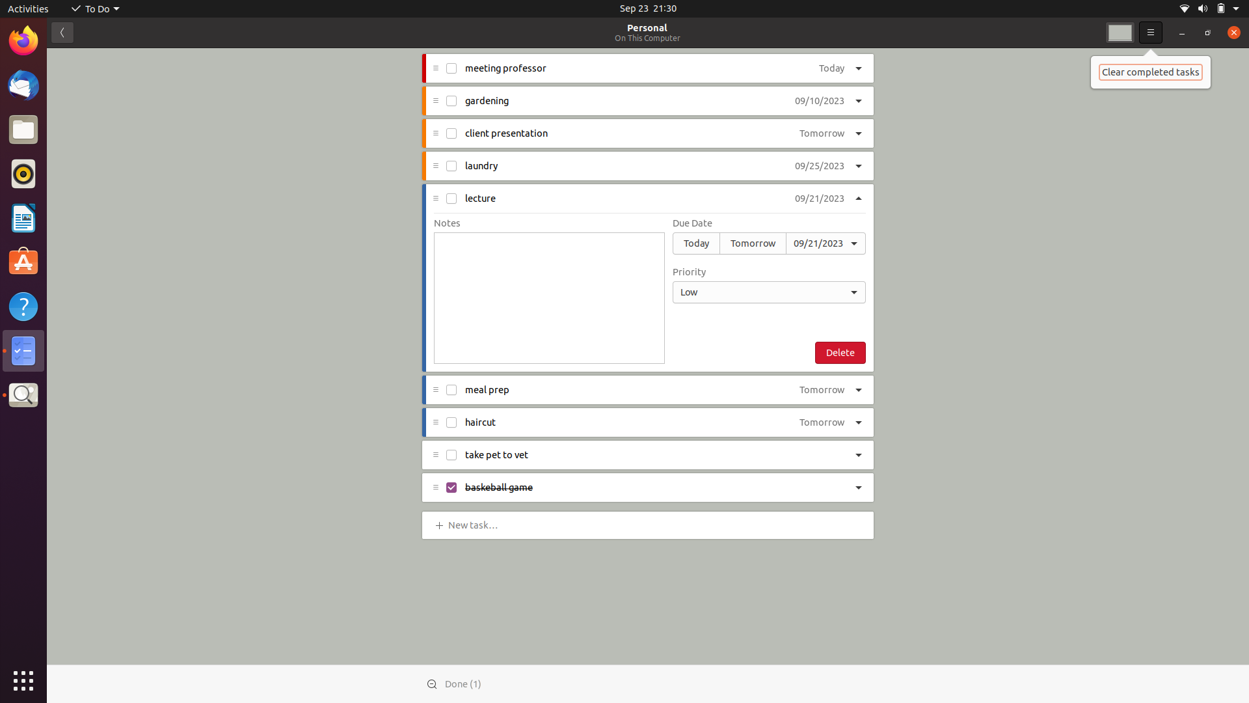  What do you see at coordinates (451, 488) in the screenshot?
I see `Complete the "baseball game" checkbox task` at bounding box center [451, 488].